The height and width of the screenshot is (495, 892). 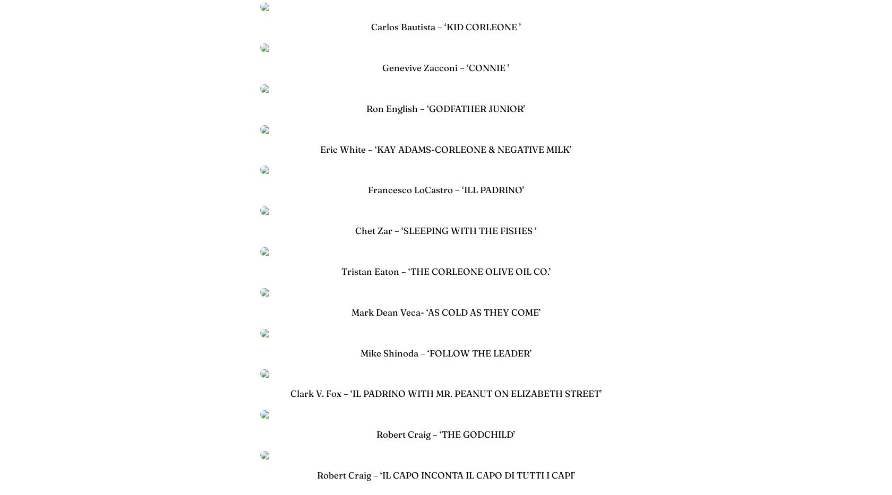 What do you see at coordinates (360, 352) in the screenshot?
I see `'Mike Shinoda – ‘FOLLOW THE LEADER’'` at bounding box center [360, 352].